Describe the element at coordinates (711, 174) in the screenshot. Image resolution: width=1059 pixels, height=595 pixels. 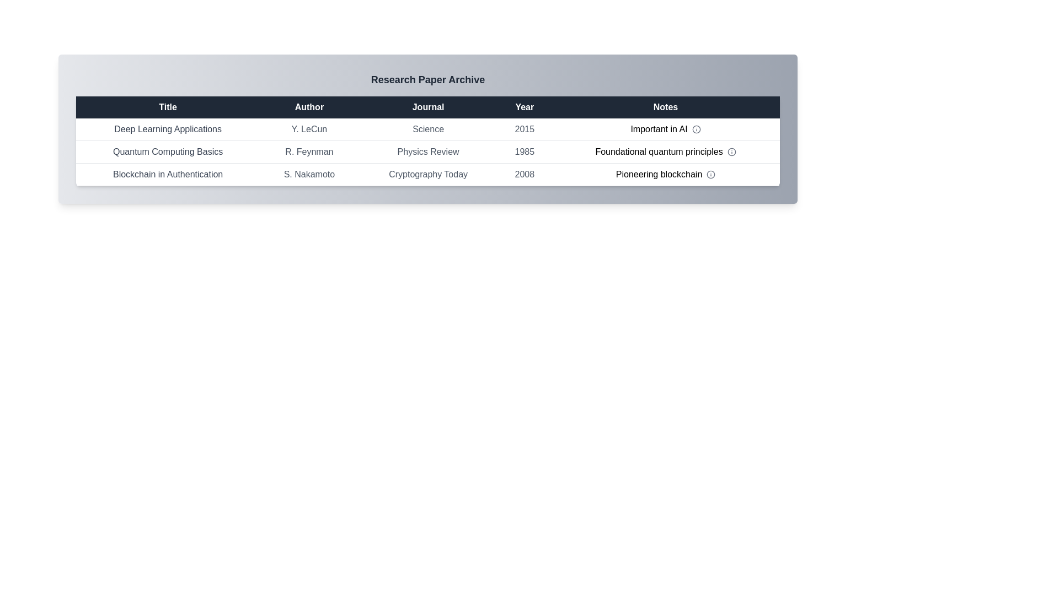
I see `the info icon for the row corresponding to Blockchain in Authentication` at that location.